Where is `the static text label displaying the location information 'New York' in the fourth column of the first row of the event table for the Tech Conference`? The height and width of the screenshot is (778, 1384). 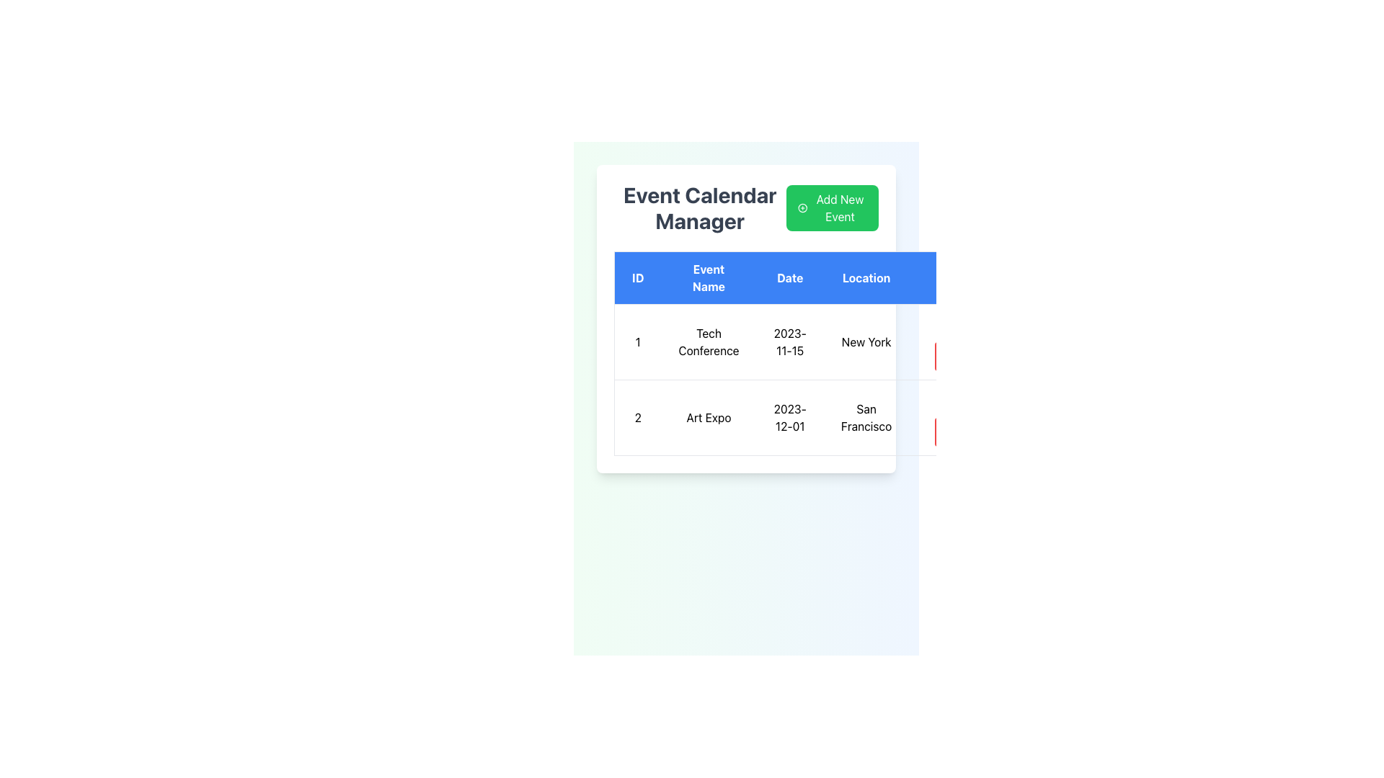
the static text label displaying the location information 'New York' in the fourth column of the first row of the event table for the Tech Conference is located at coordinates (866, 341).